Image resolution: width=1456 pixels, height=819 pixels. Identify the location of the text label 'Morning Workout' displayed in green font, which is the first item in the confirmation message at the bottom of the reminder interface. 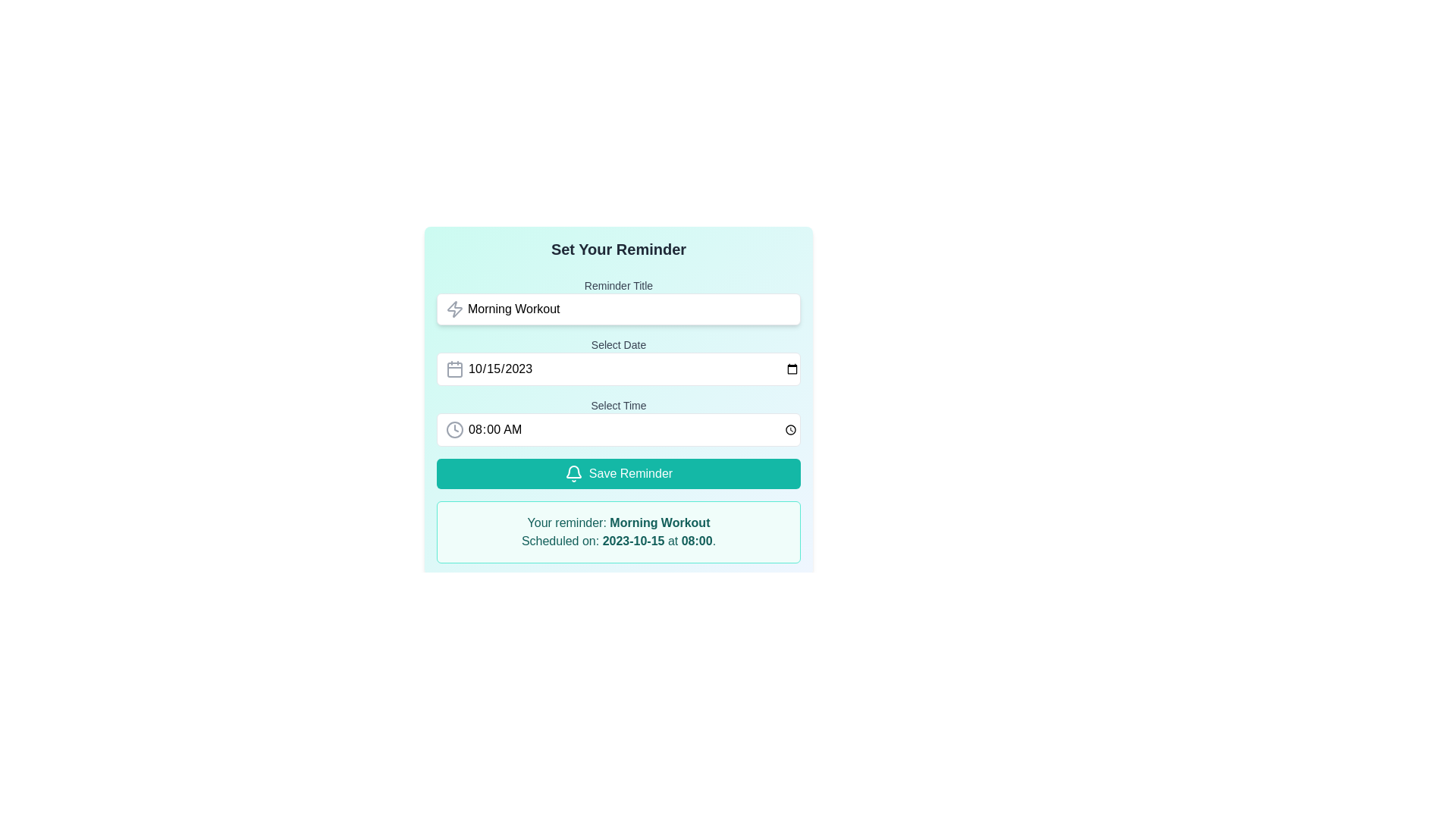
(660, 522).